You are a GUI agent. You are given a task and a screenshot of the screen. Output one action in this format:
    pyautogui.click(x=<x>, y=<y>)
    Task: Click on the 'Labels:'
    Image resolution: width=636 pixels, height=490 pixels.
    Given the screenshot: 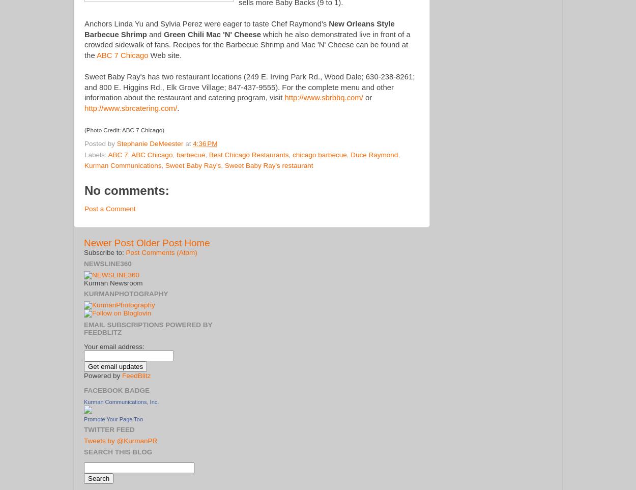 What is the action you would take?
    pyautogui.click(x=96, y=154)
    